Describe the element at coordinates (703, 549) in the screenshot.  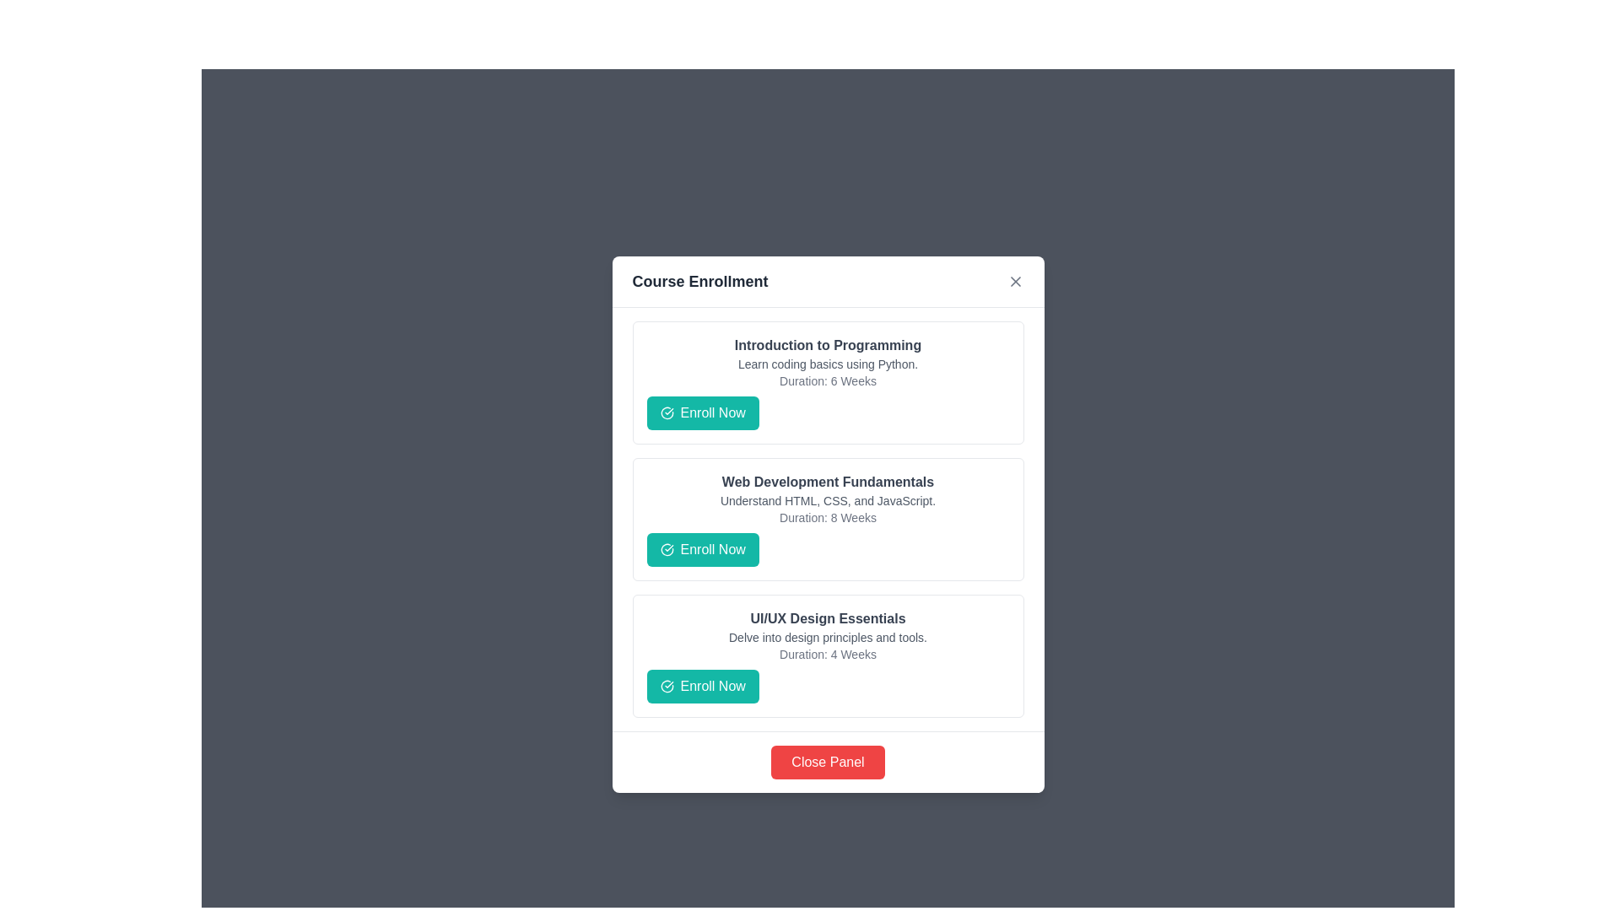
I see `the 'Enroll in Web Development Fundamentals' button located in the bottom section of the course panel card` at that location.